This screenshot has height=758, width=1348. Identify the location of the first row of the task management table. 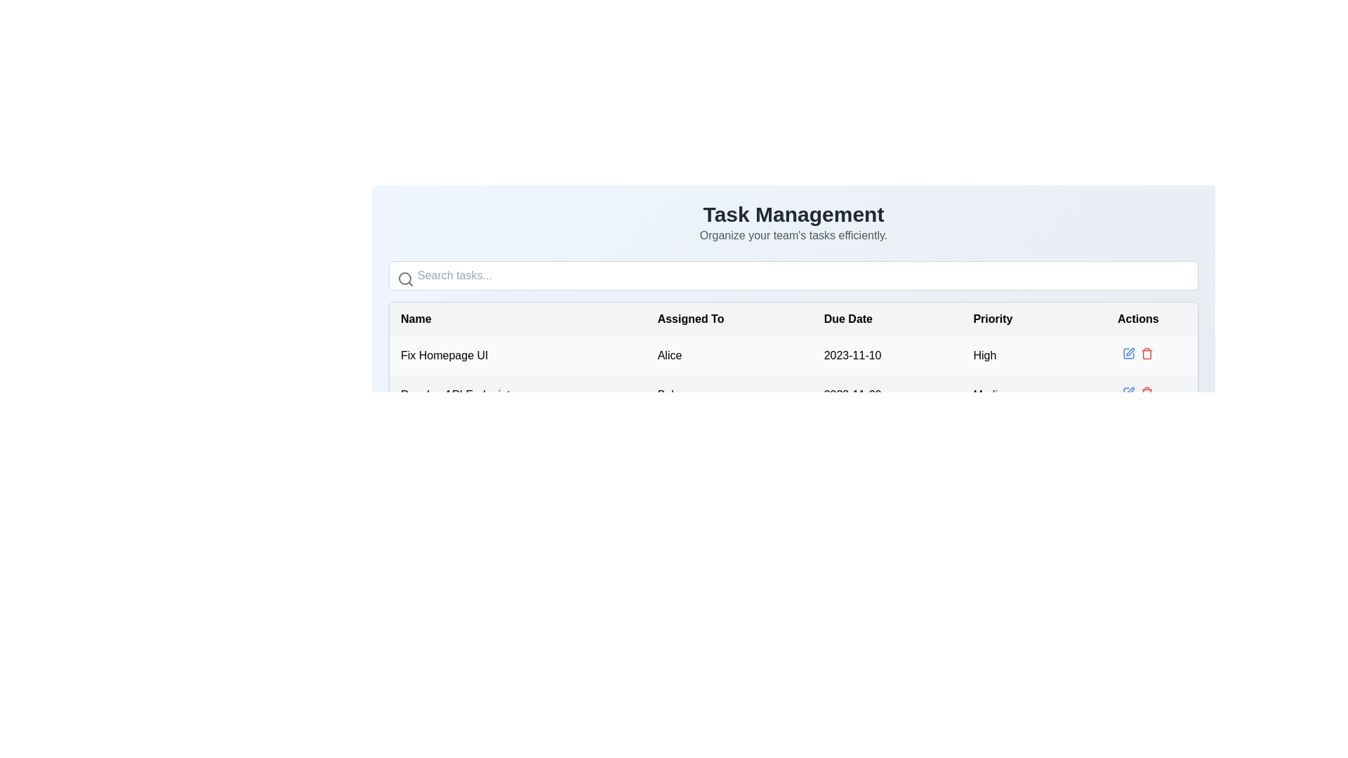
(793, 354).